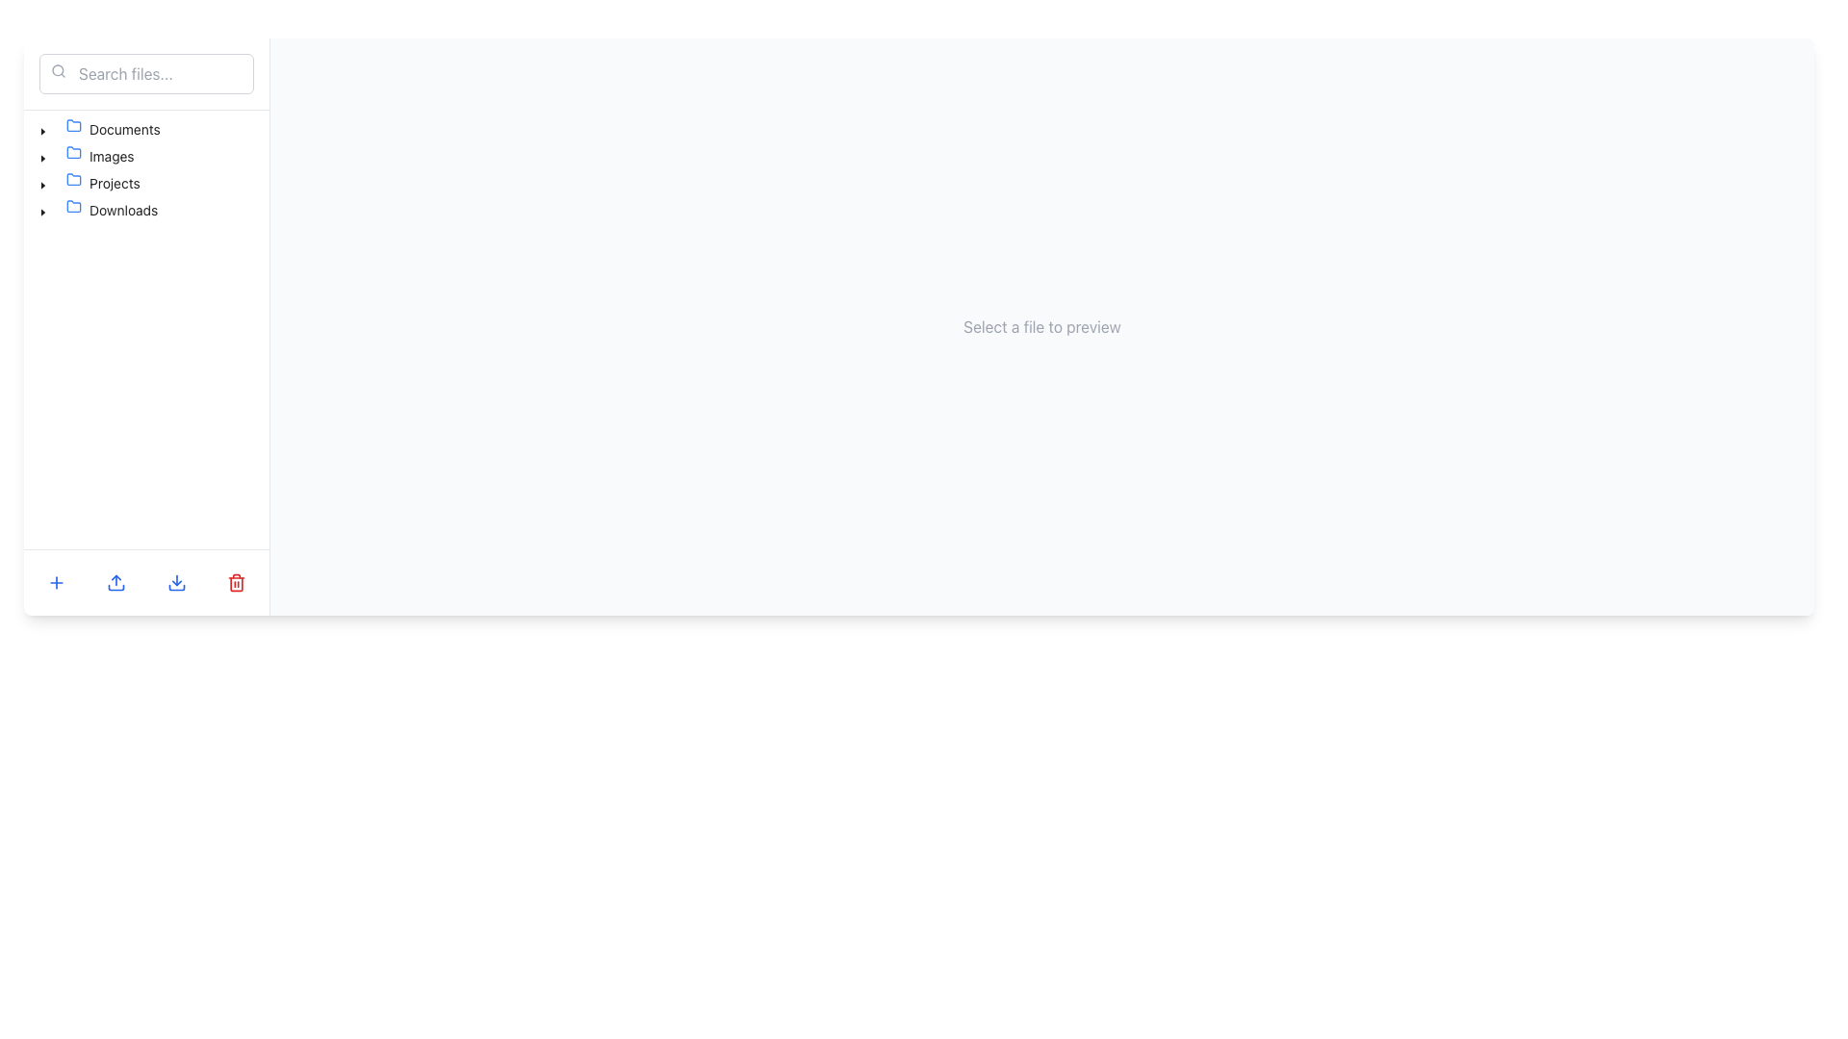  What do you see at coordinates (42, 158) in the screenshot?
I see `the Toggle or Expand/Collapse Icon next to the 'Images' folder in the tree view` at bounding box center [42, 158].